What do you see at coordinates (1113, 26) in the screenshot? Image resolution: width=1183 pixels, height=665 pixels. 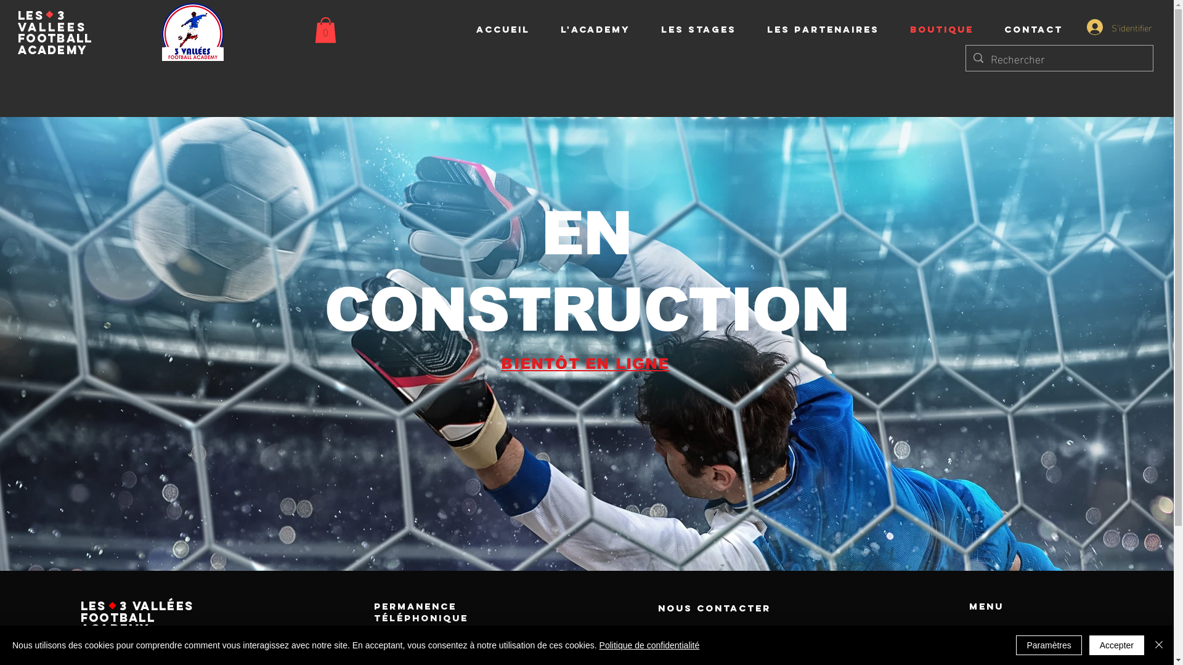 I see `'S'identifier'` at bounding box center [1113, 26].